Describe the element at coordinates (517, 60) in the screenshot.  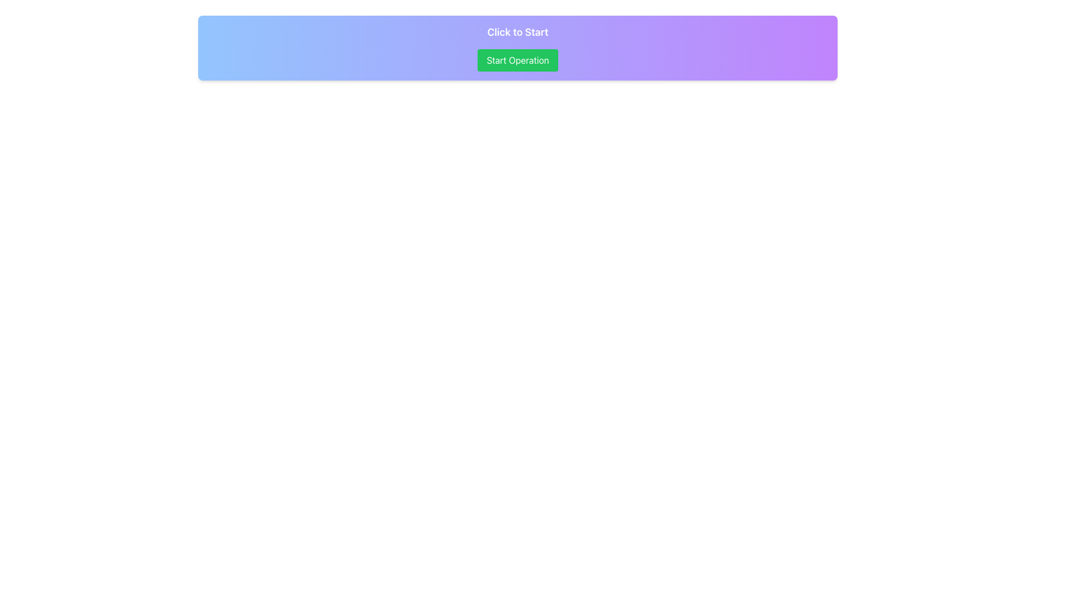
I see `the green button with rounded corners labeled 'Start Operation'` at that location.